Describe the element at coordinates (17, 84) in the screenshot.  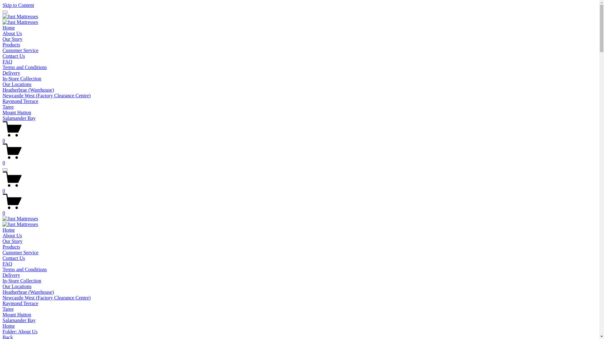
I see `'Our Locations'` at that location.